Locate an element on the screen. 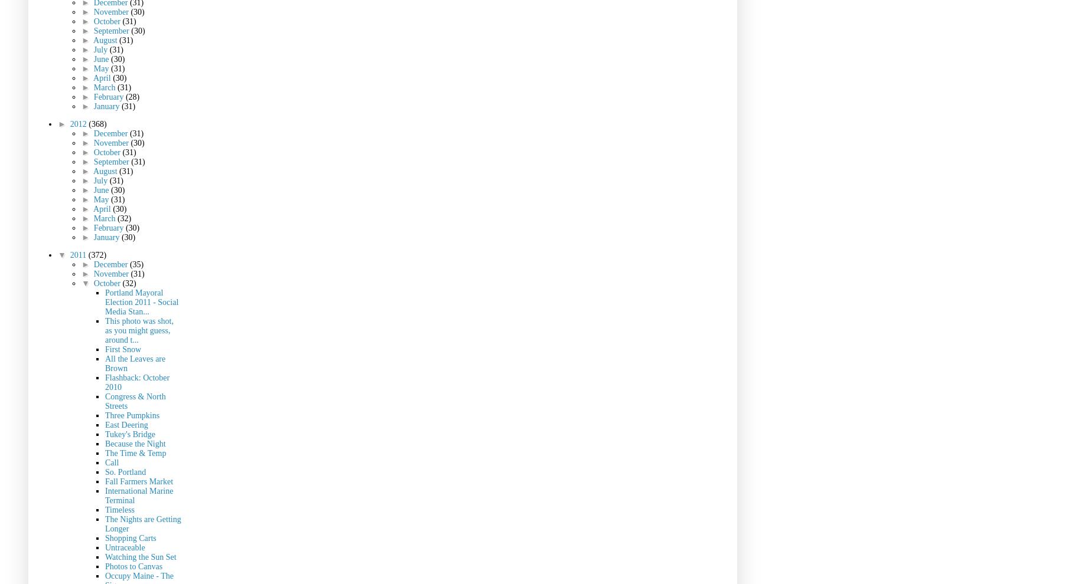 This screenshot has height=584, width=1075. 'Because the Night' is located at coordinates (135, 443).